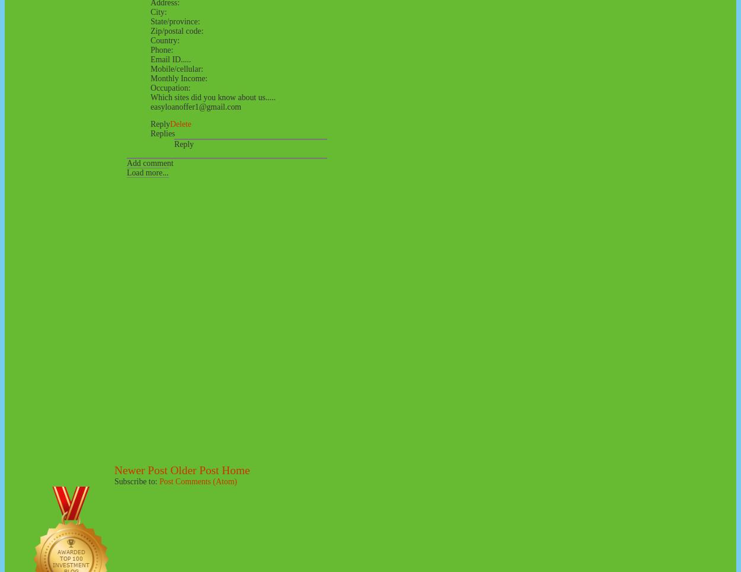 This screenshot has height=572, width=741. Describe the element at coordinates (170, 87) in the screenshot. I see `'Occupation:'` at that location.